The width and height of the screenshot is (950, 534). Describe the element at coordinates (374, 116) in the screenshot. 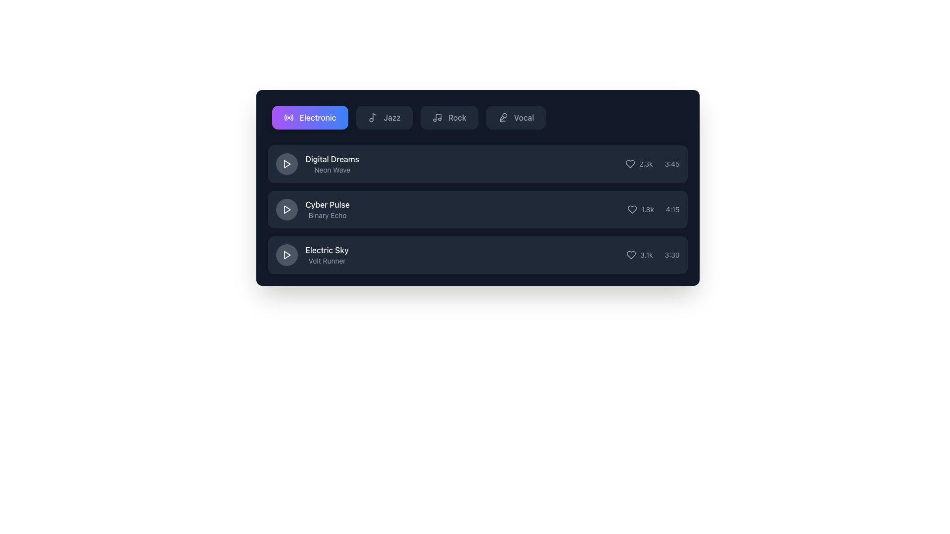

I see `the 'Jazz' category icon in the music genre selection menu, which is represented by an SVG graphic located at the top center of the interface` at that location.